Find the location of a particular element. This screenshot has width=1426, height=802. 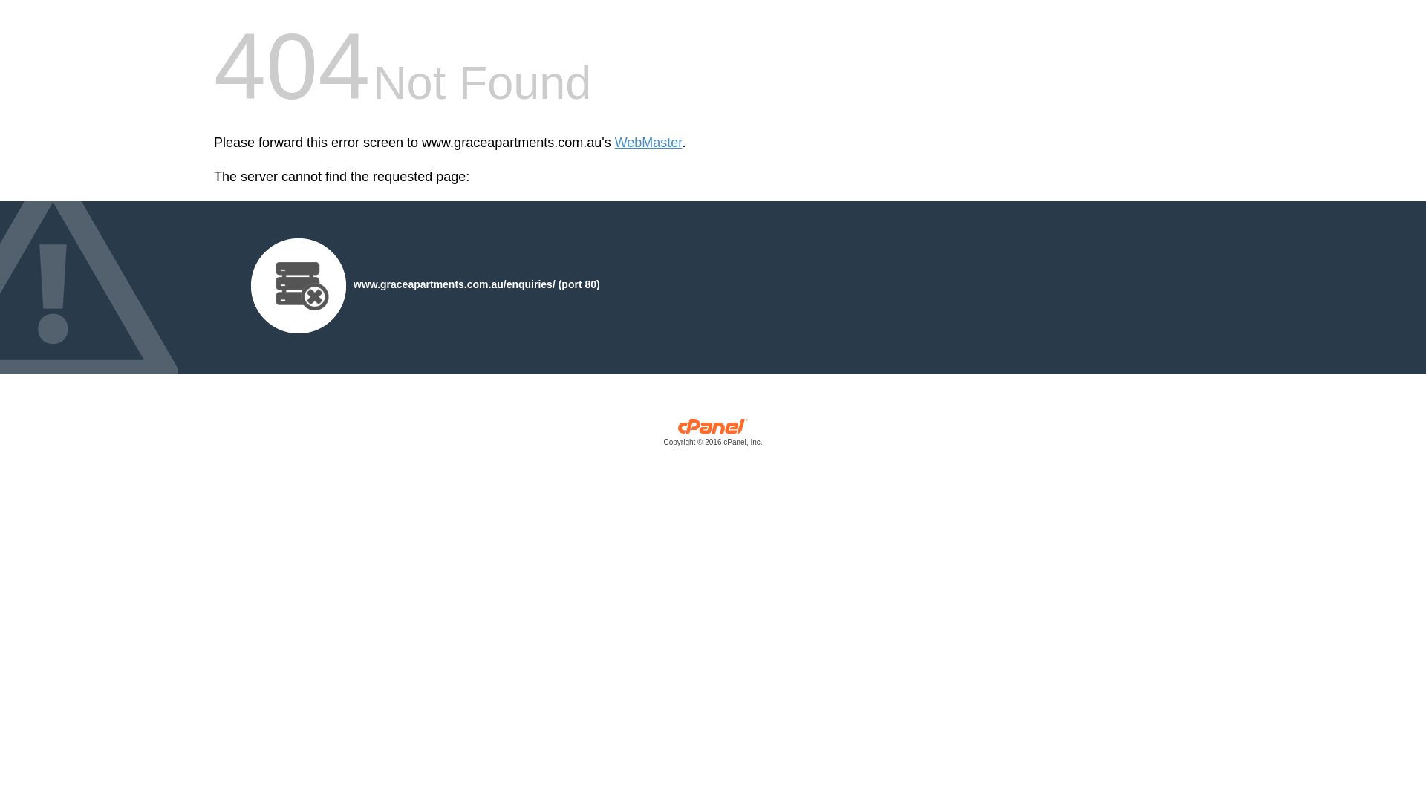

'WebMaster' is located at coordinates (648, 143).